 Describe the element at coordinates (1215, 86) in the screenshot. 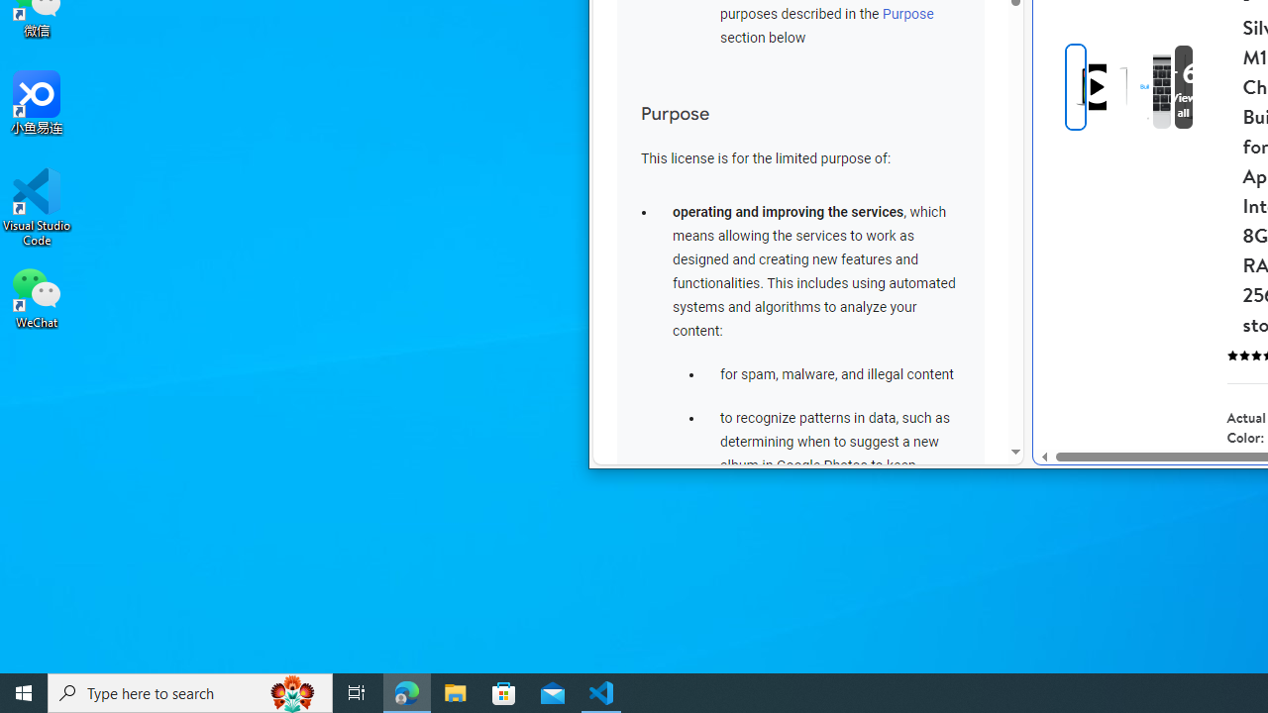

I see `'View all media'` at that location.